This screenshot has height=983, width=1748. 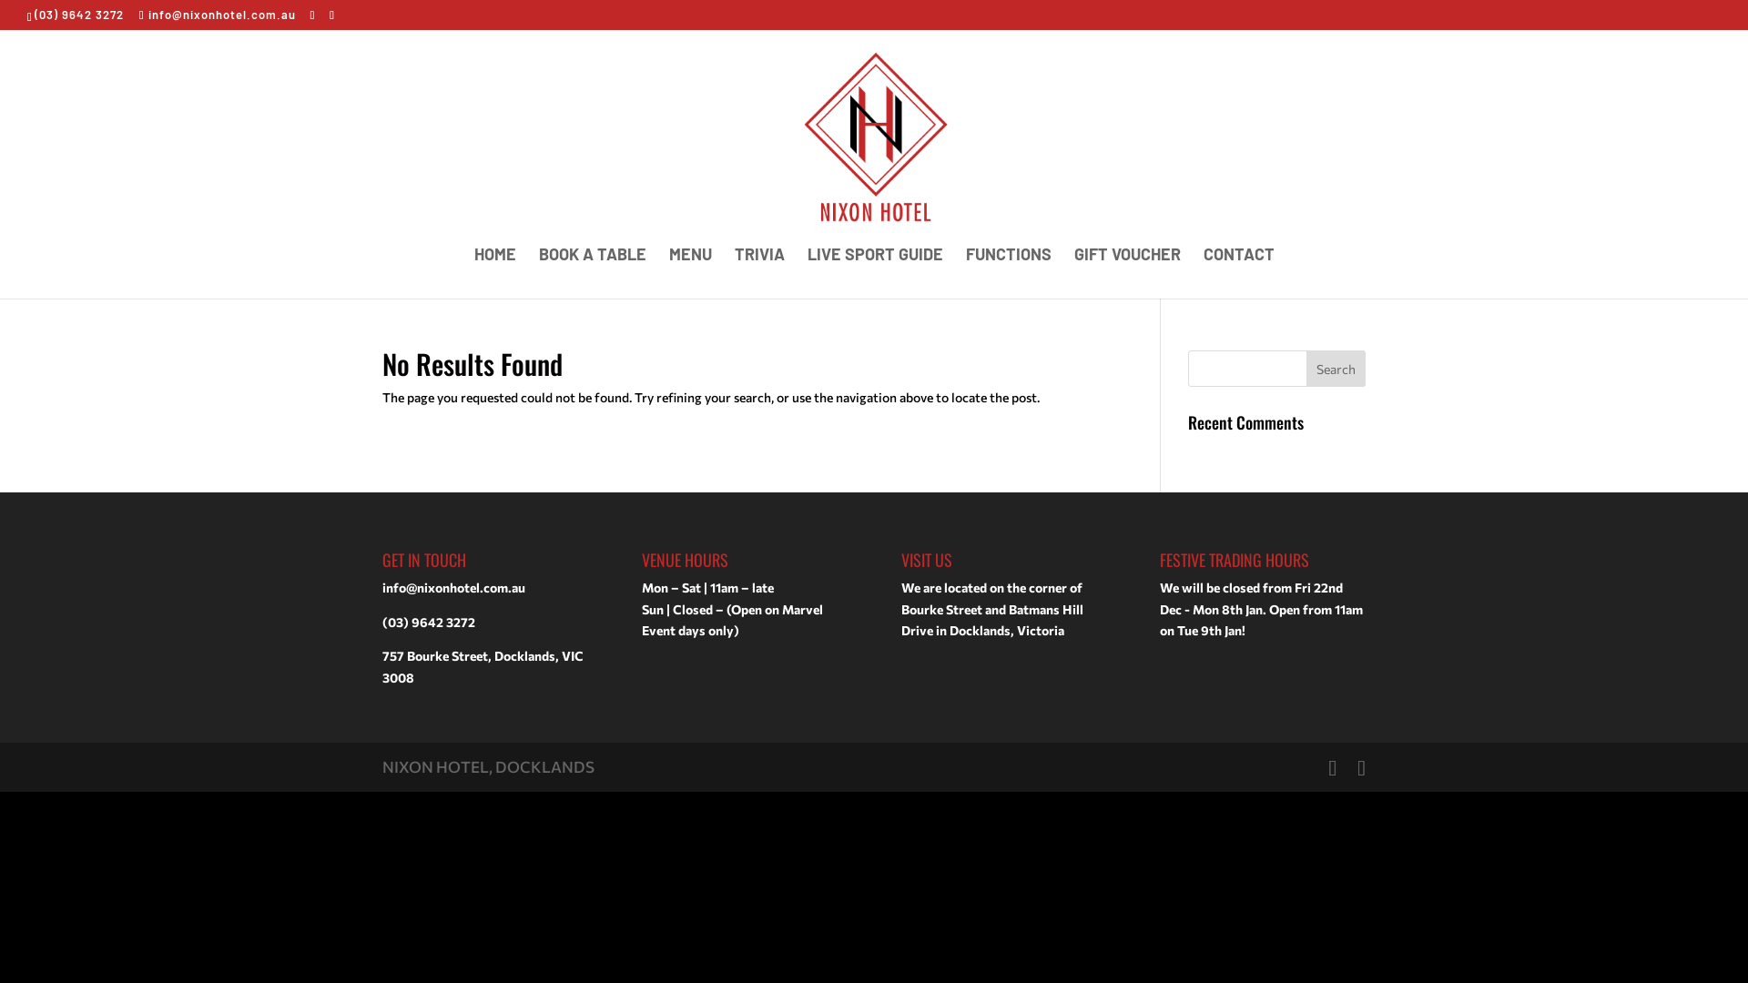 What do you see at coordinates (1336, 369) in the screenshot?
I see `'Search'` at bounding box center [1336, 369].